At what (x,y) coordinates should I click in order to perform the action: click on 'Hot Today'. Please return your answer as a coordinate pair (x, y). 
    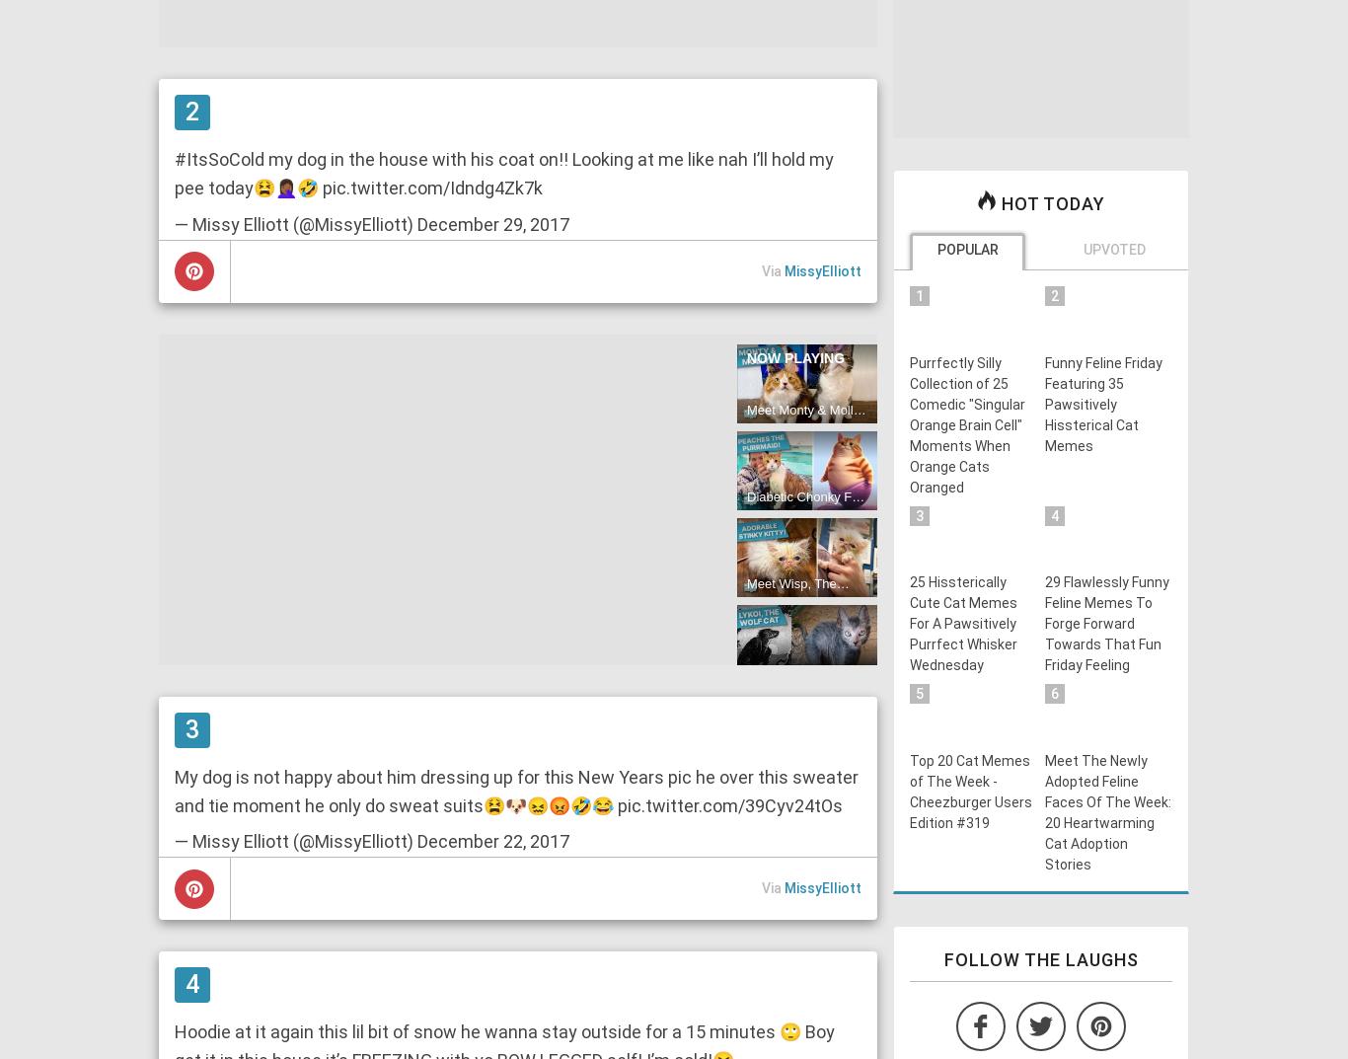
    Looking at the image, I should click on (1049, 203).